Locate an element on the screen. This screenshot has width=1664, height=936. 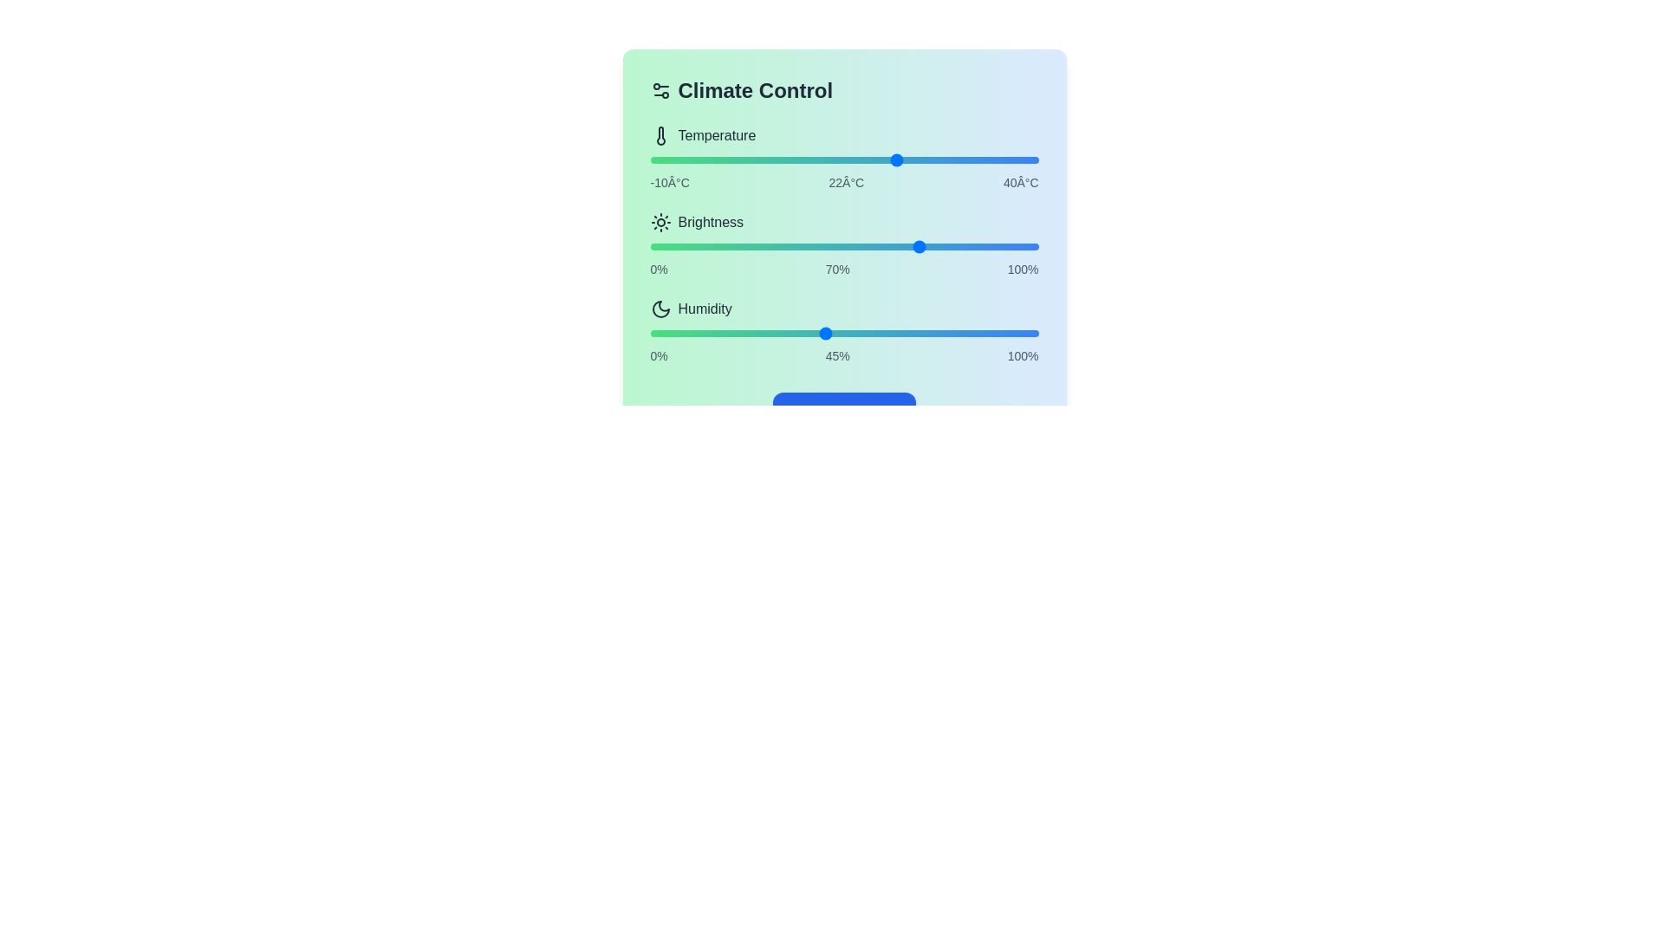
the humidity is located at coordinates (909, 334).